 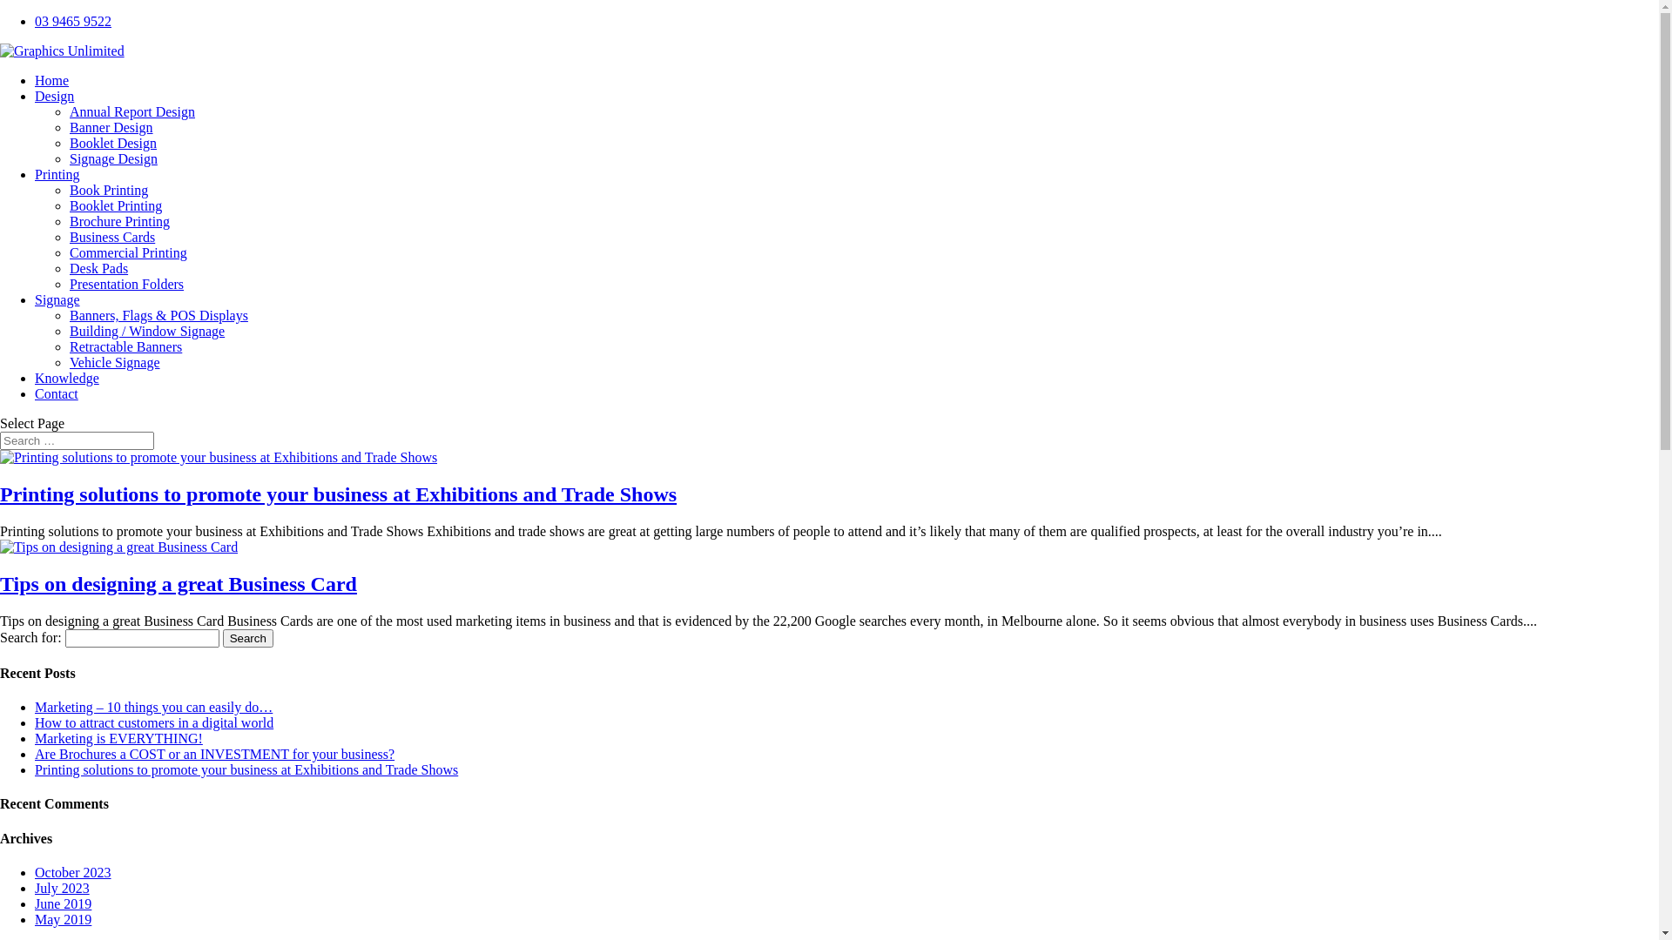 What do you see at coordinates (118, 738) in the screenshot?
I see `'Marketing is EVERYTHING!'` at bounding box center [118, 738].